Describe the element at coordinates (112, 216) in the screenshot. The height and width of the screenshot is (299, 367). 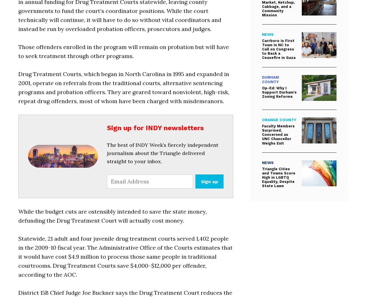
I see `'While the budget cuts are ostensibly intended to save the state money, defunding the Drug Treatment Court will actually cost money.'` at that location.